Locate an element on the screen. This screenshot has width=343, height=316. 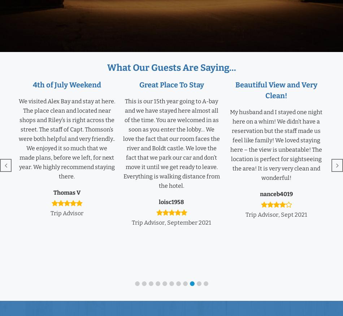
'Great Place To Stay' is located at coordinates (171, 85).